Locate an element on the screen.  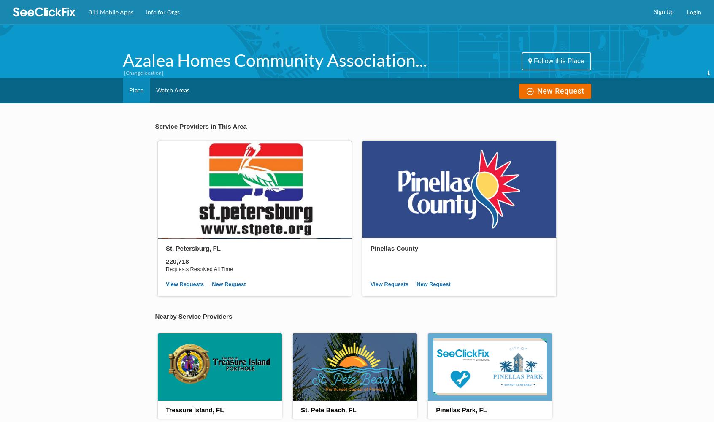
'220,718' is located at coordinates (177, 260).